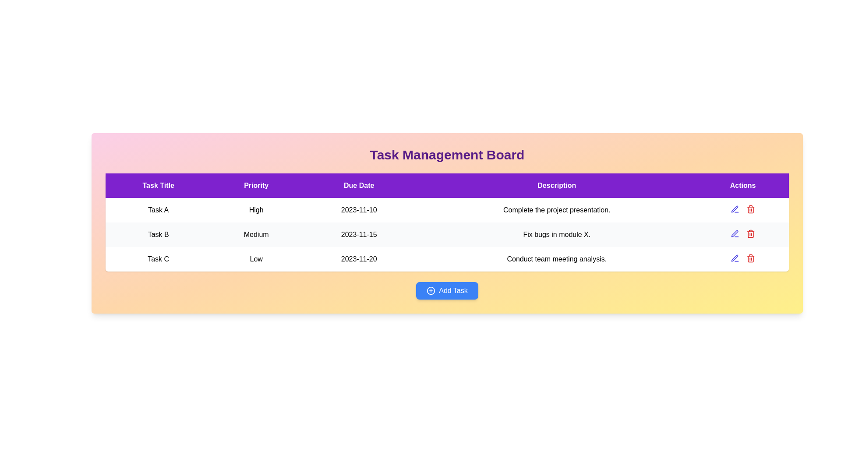  What do you see at coordinates (556, 185) in the screenshot?
I see `the 'Description' text label header, which is styled with white bold text on a purple background, located between 'Due Date' and 'Actions' in the table header` at bounding box center [556, 185].